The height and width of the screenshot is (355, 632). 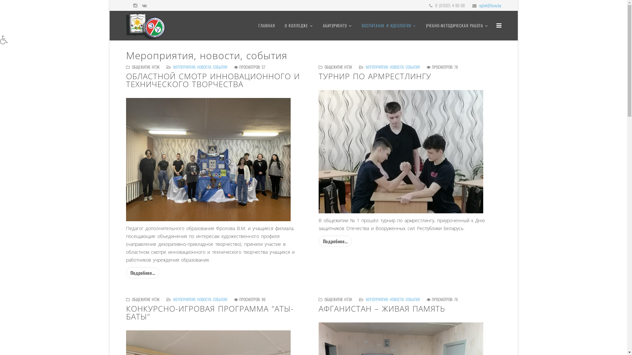 What do you see at coordinates (490, 5) in the screenshot?
I see `'ngtek@bseu.by'` at bounding box center [490, 5].